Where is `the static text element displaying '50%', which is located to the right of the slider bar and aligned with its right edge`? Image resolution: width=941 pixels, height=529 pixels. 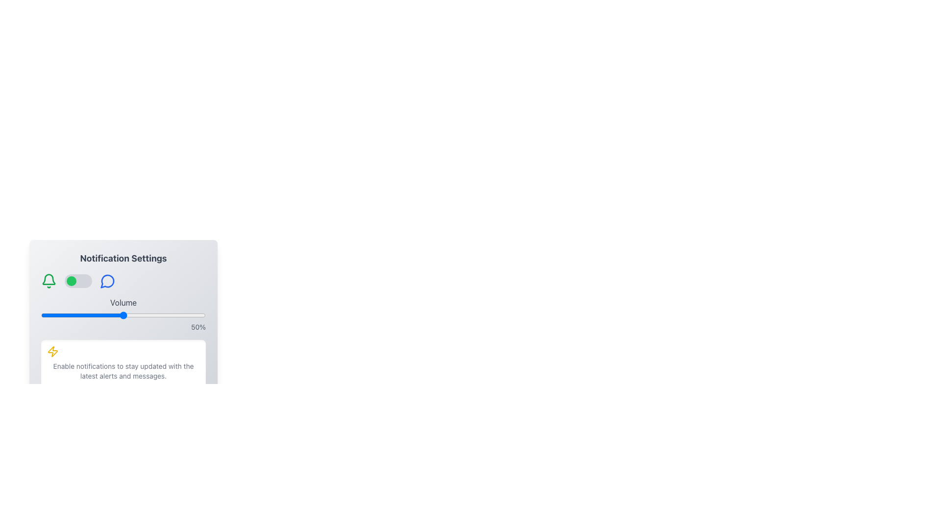 the static text element displaying '50%', which is located to the right of the slider bar and aligned with its right edge is located at coordinates (123, 327).